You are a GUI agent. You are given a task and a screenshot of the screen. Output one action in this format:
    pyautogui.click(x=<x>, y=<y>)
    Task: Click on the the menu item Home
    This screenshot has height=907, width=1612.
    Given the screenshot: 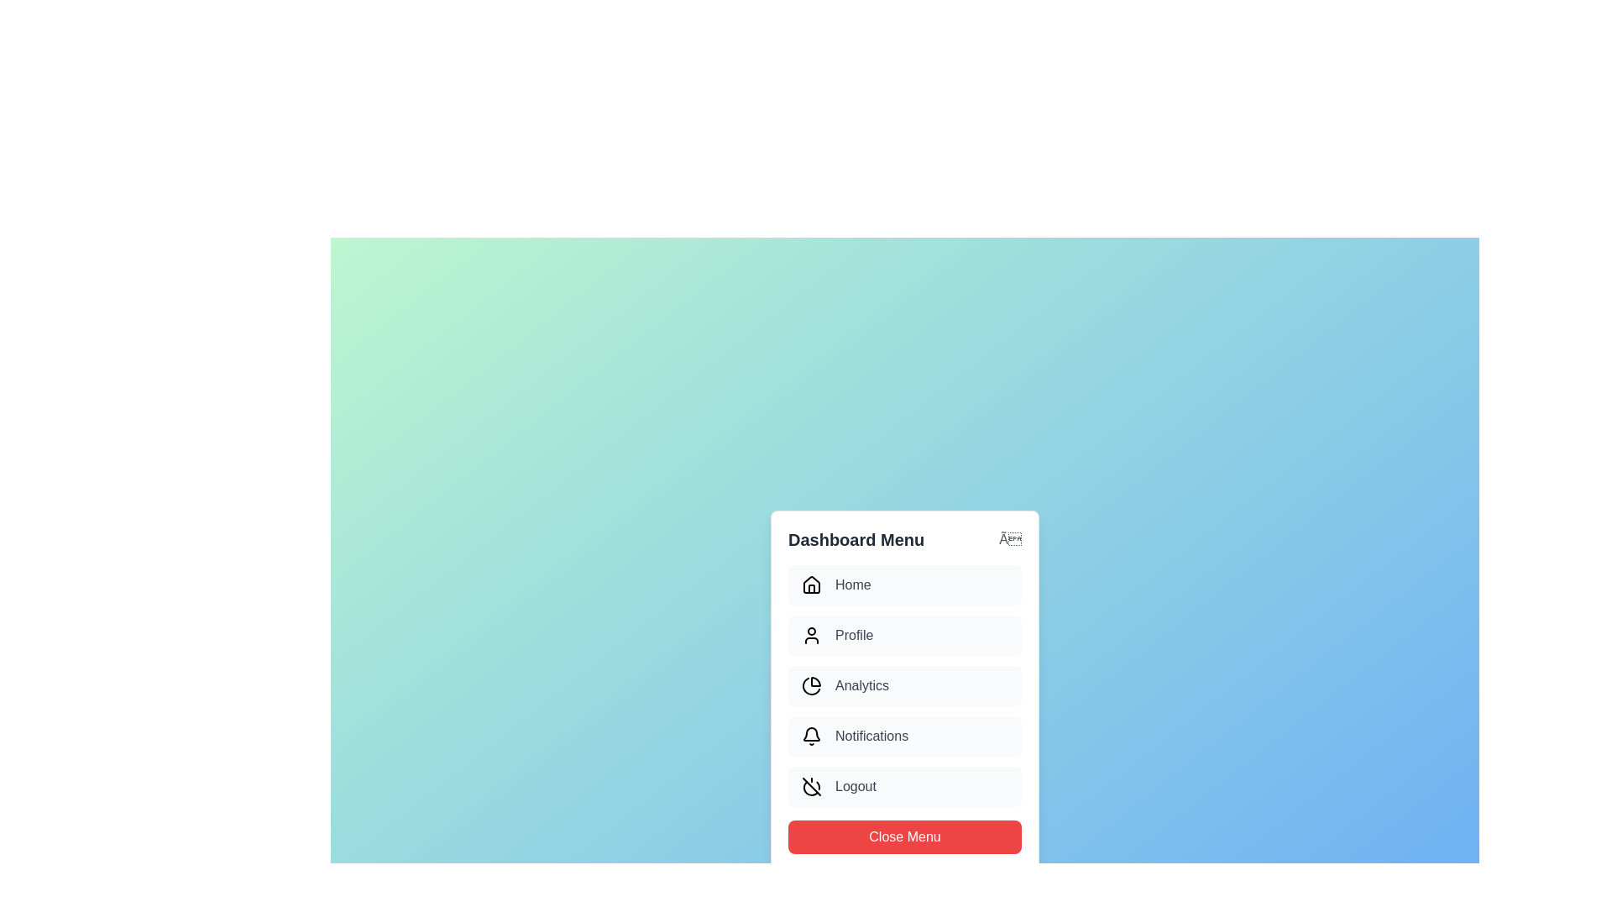 What is the action you would take?
    pyautogui.click(x=904, y=585)
    